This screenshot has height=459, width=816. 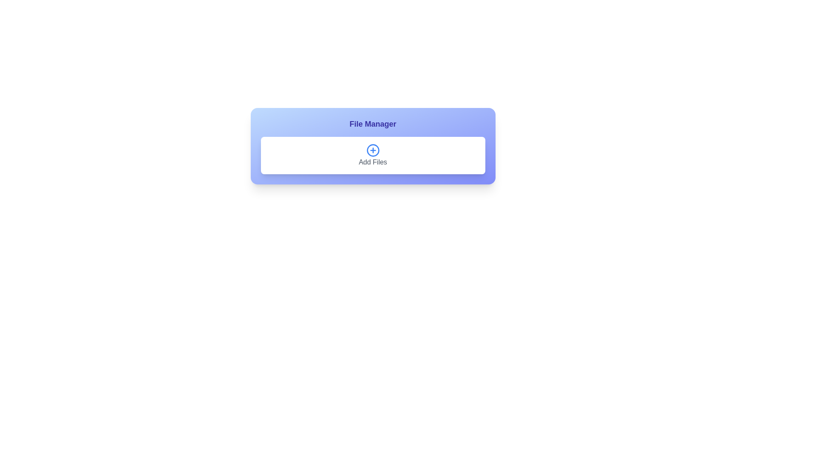 What do you see at coordinates (373, 162) in the screenshot?
I see `the text label that indicates functionality for adding files, located below the '+' icon in the 'File Manager' section` at bounding box center [373, 162].